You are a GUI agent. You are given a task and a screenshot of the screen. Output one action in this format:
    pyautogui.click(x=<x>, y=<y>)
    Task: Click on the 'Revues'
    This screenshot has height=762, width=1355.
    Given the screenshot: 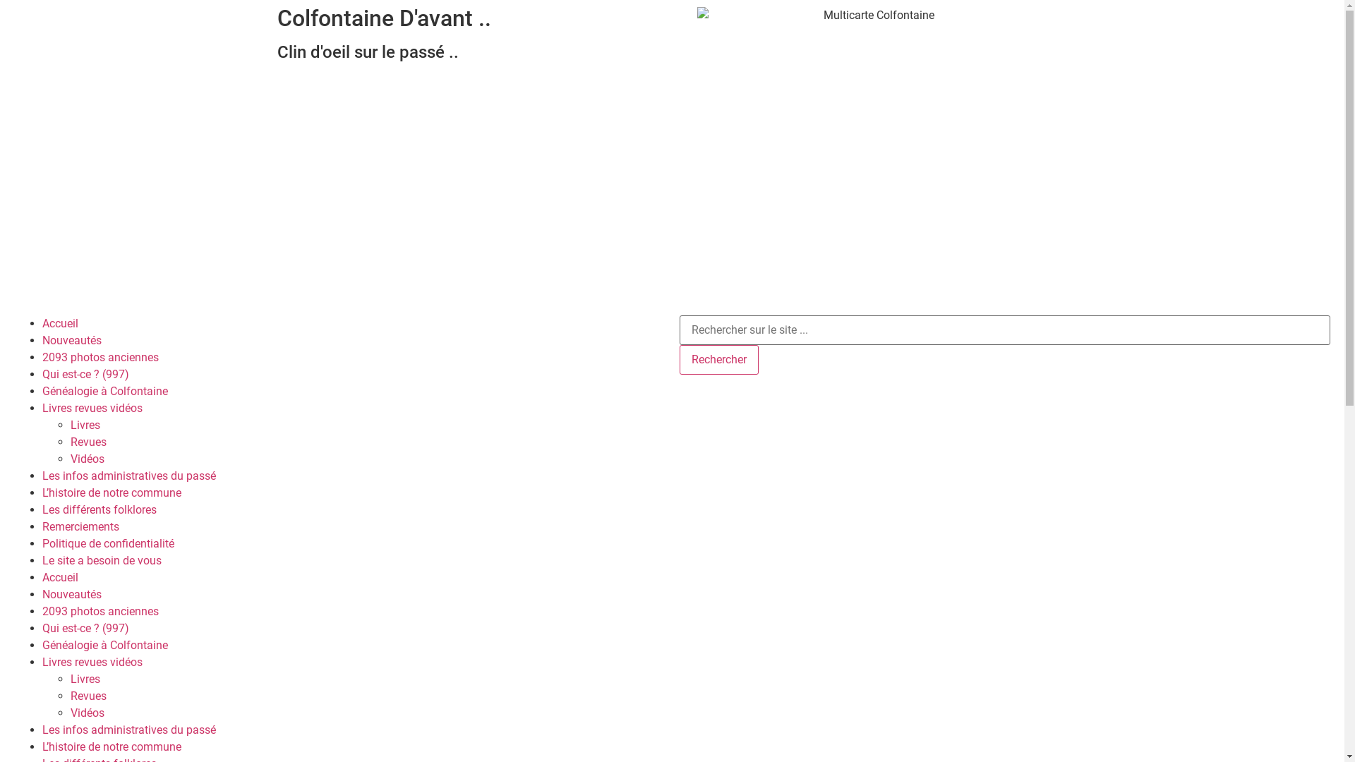 What is the action you would take?
    pyautogui.click(x=88, y=441)
    